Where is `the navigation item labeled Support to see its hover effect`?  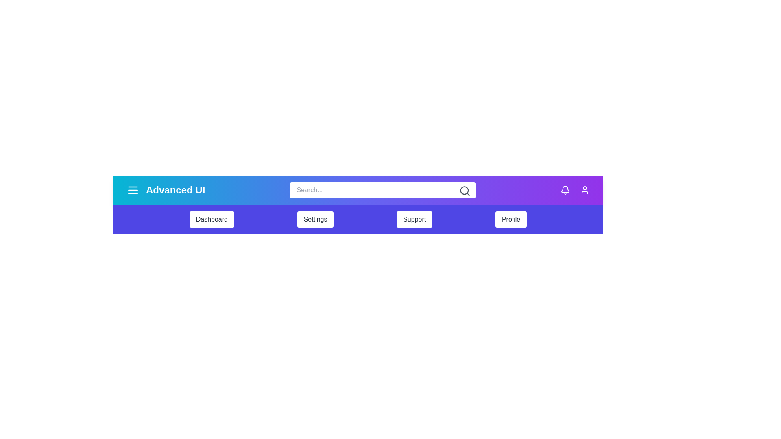
the navigation item labeled Support to see its hover effect is located at coordinates (414, 219).